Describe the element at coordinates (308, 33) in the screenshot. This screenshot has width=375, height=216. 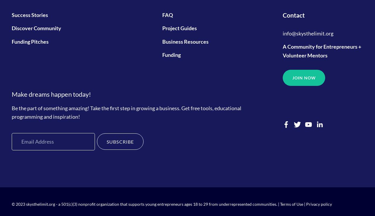
I see `'info@skysthelimit.org'` at that location.